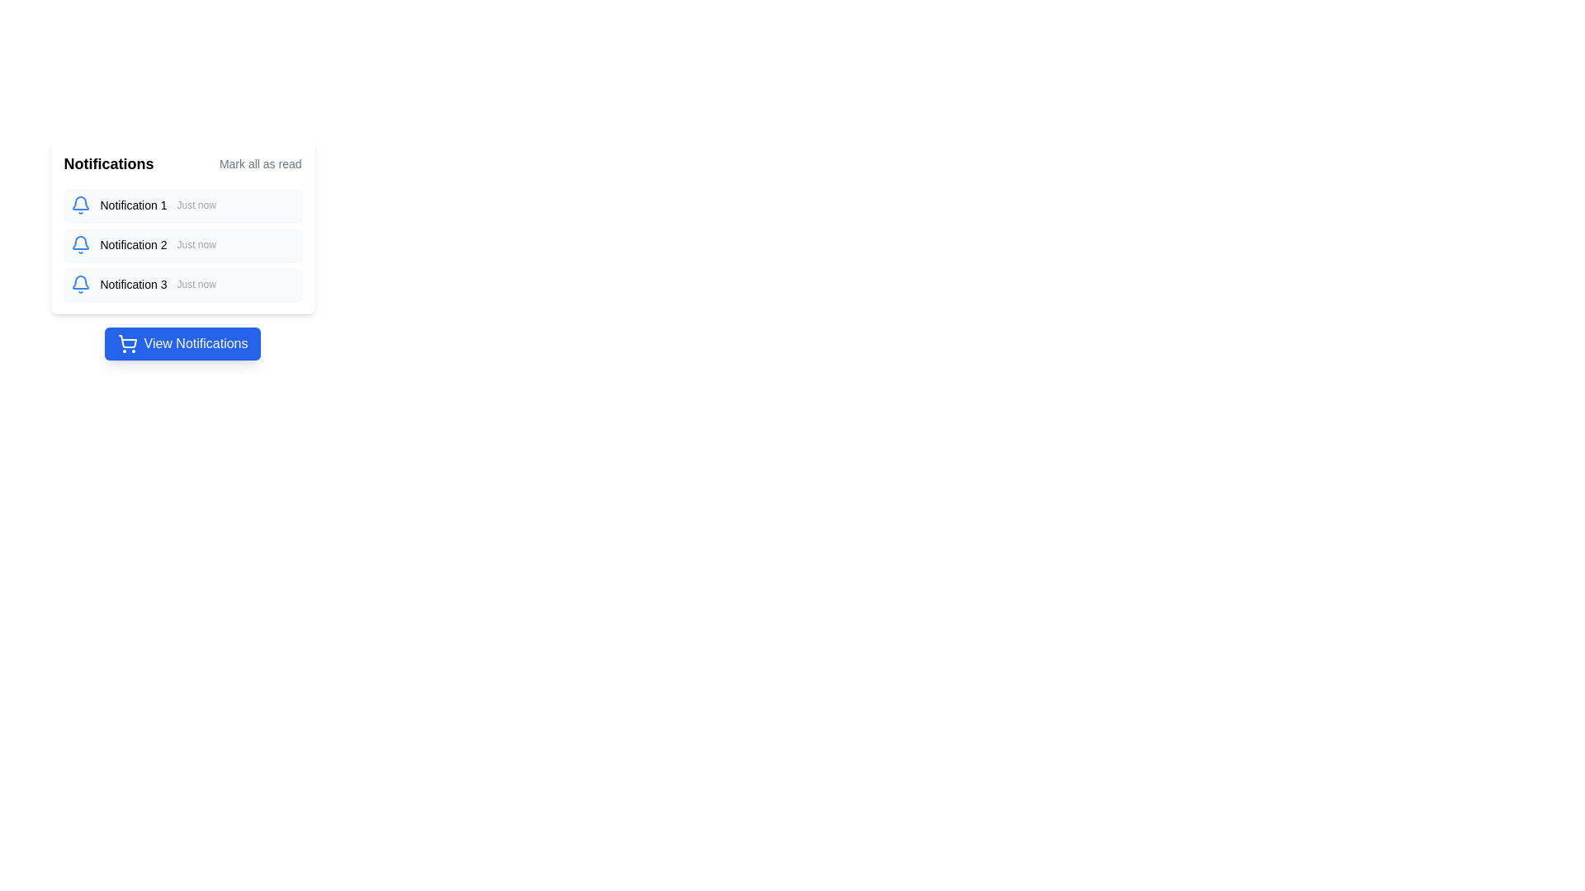  I want to click on the blue shopping cart icon located inside the 'View Notifications' button at the bottom of the interface, so click(126, 341).